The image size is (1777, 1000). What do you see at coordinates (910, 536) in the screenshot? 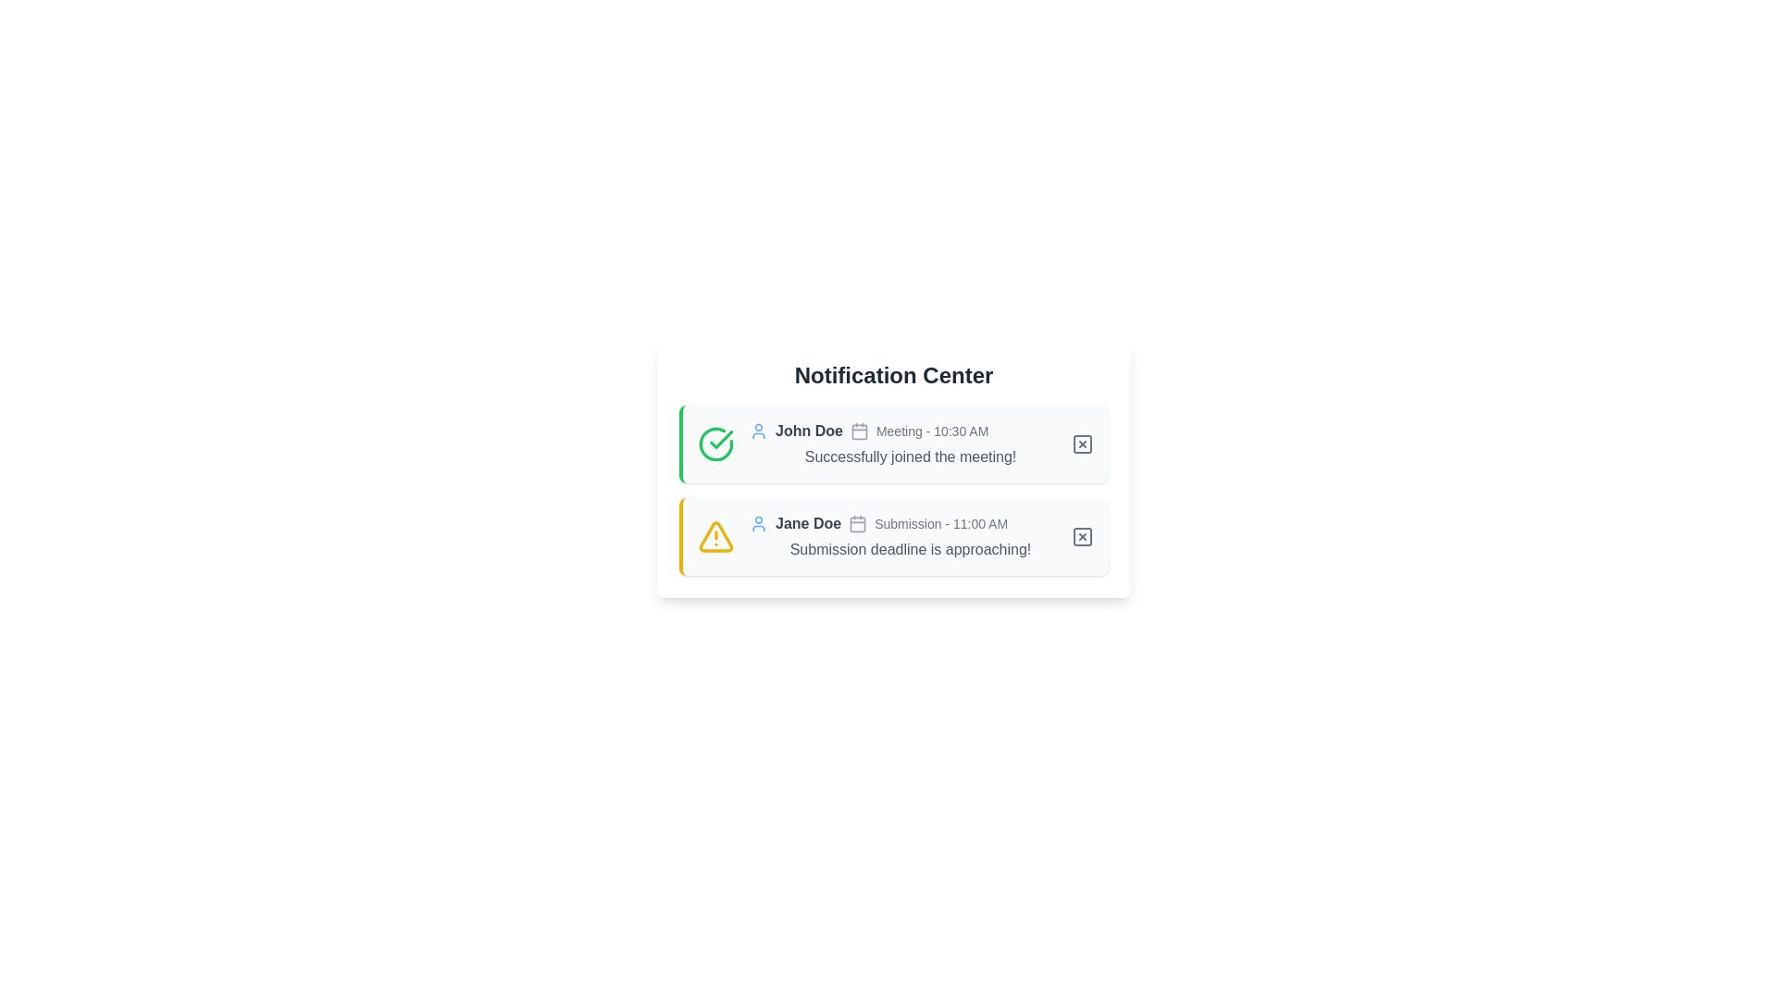
I see `the second notification in the Notification Center card, which is located between the 'John Doe' notification and empty space below` at bounding box center [910, 536].